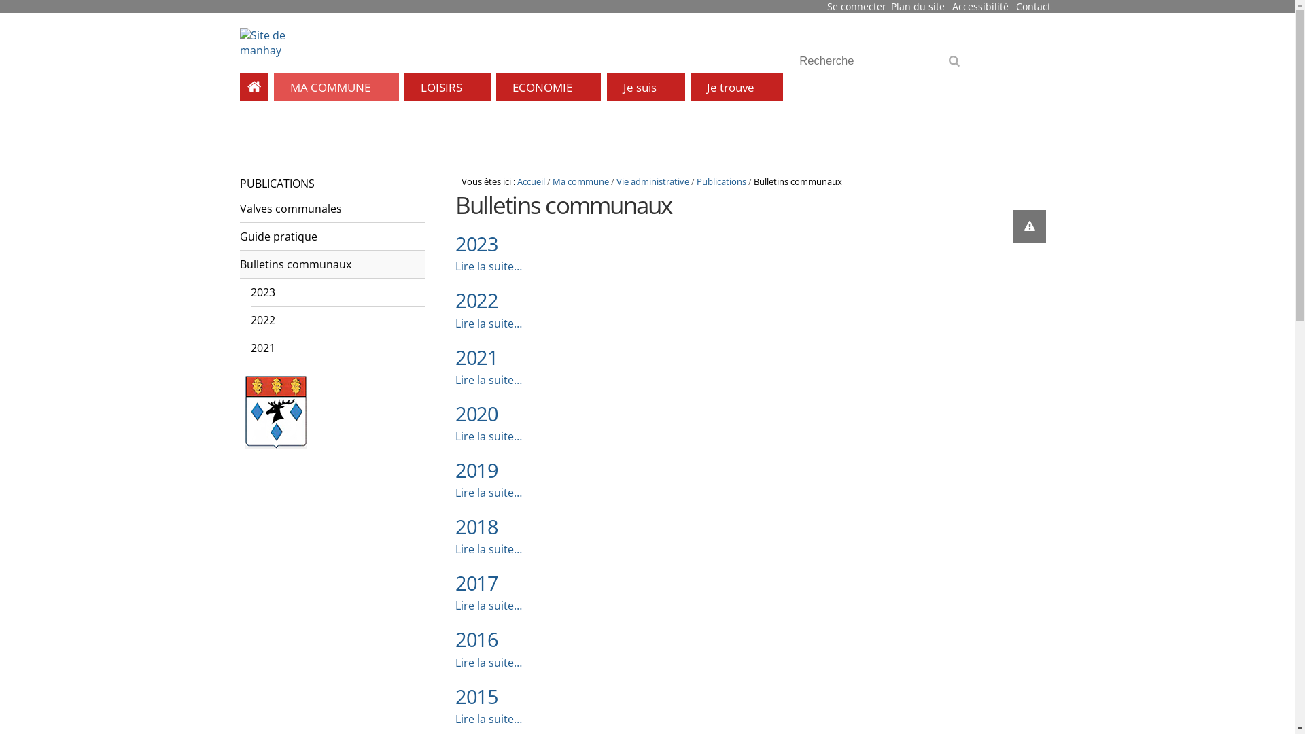 Image resolution: width=1305 pixels, height=734 pixels. I want to click on 'Je trouve', so click(736, 86).